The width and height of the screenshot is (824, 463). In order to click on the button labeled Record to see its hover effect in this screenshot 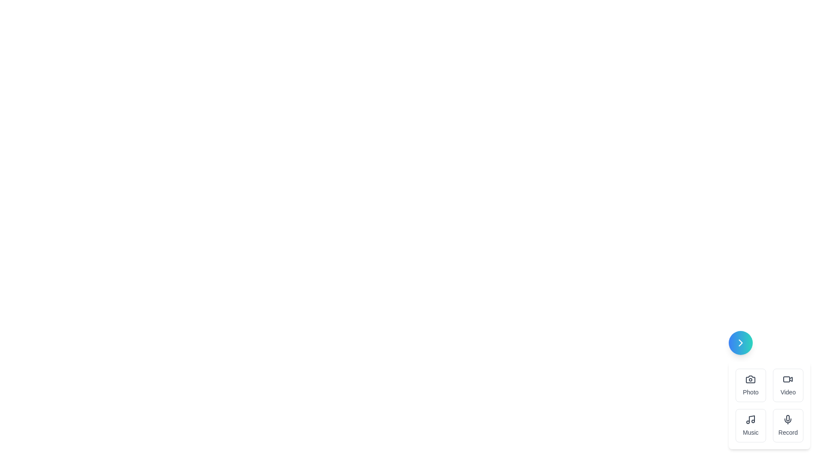, I will do `click(788, 425)`.